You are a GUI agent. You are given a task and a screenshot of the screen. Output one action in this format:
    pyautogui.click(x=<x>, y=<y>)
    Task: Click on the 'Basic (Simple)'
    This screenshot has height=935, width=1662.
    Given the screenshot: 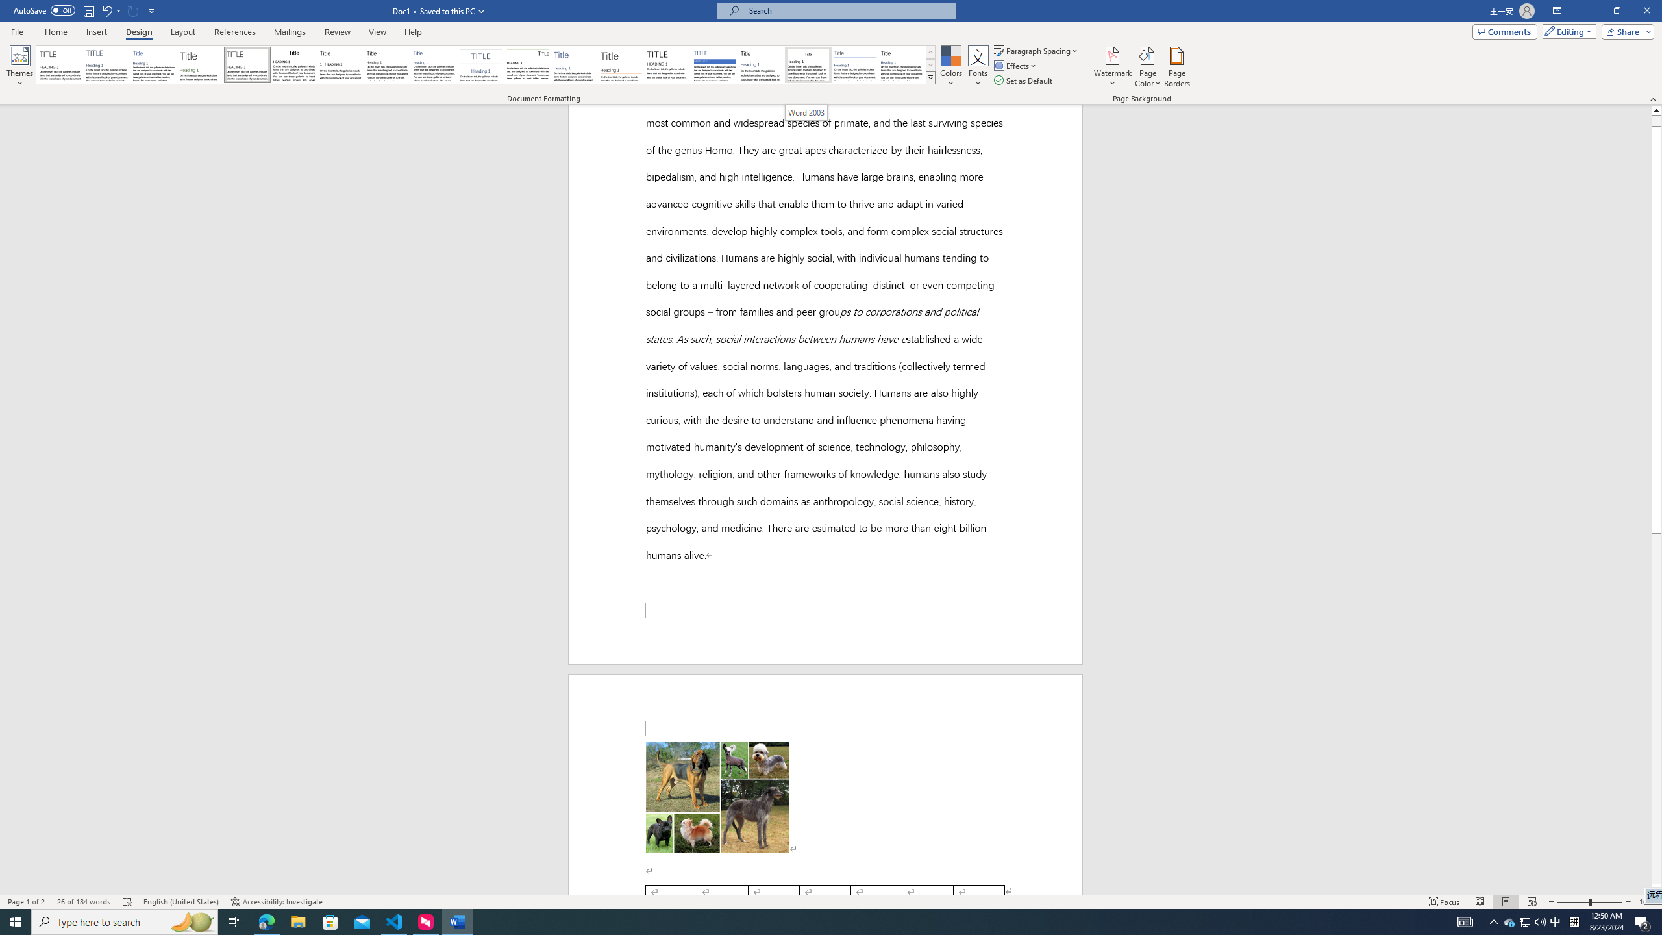 What is the action you would take?
    pyautogui.click(x=154, y=64)
    